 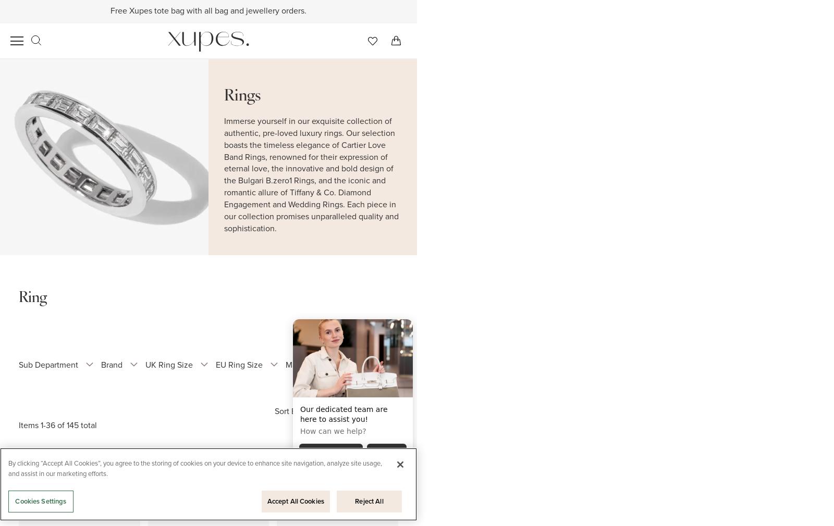 What do you see at coordinates (78, 425) in the screenshot?
I see `'total'` at bounding box center [78, 425].